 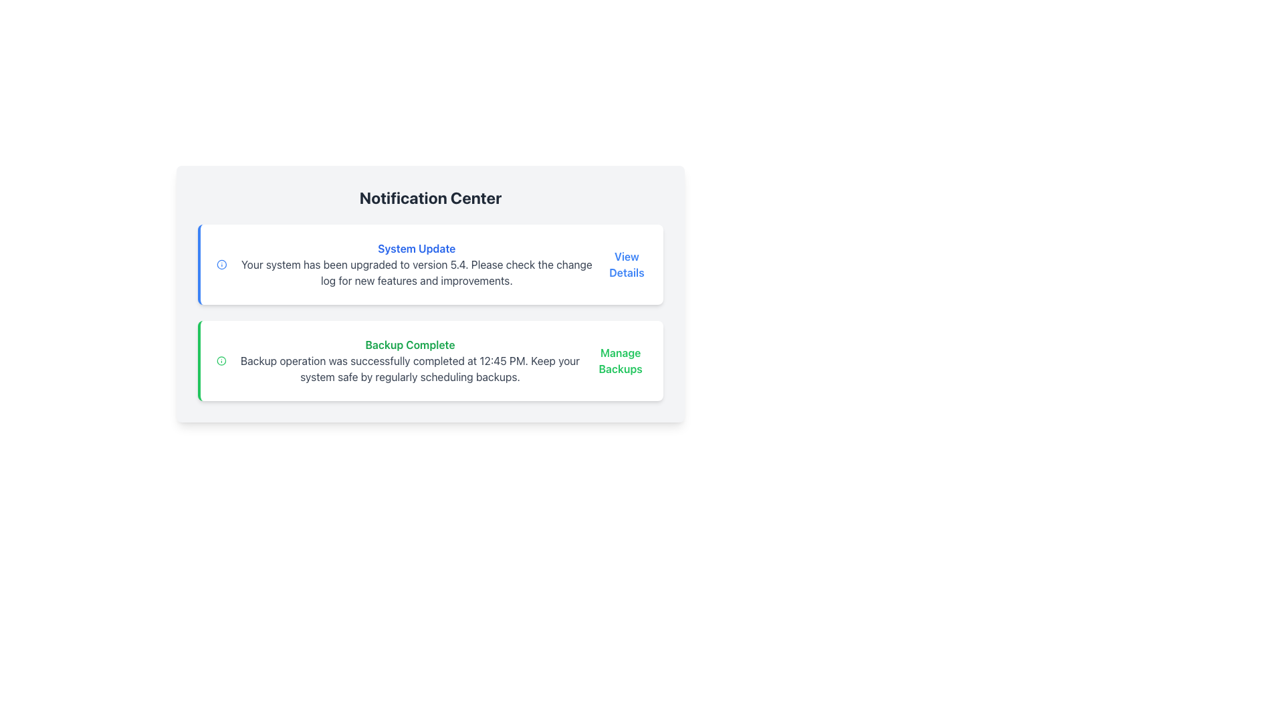 I want to click on text from the informational component that indicates the successful completion of a backup operation, located in the Notification Center box below the 'System Update' notification, so click(x=409, y=361).